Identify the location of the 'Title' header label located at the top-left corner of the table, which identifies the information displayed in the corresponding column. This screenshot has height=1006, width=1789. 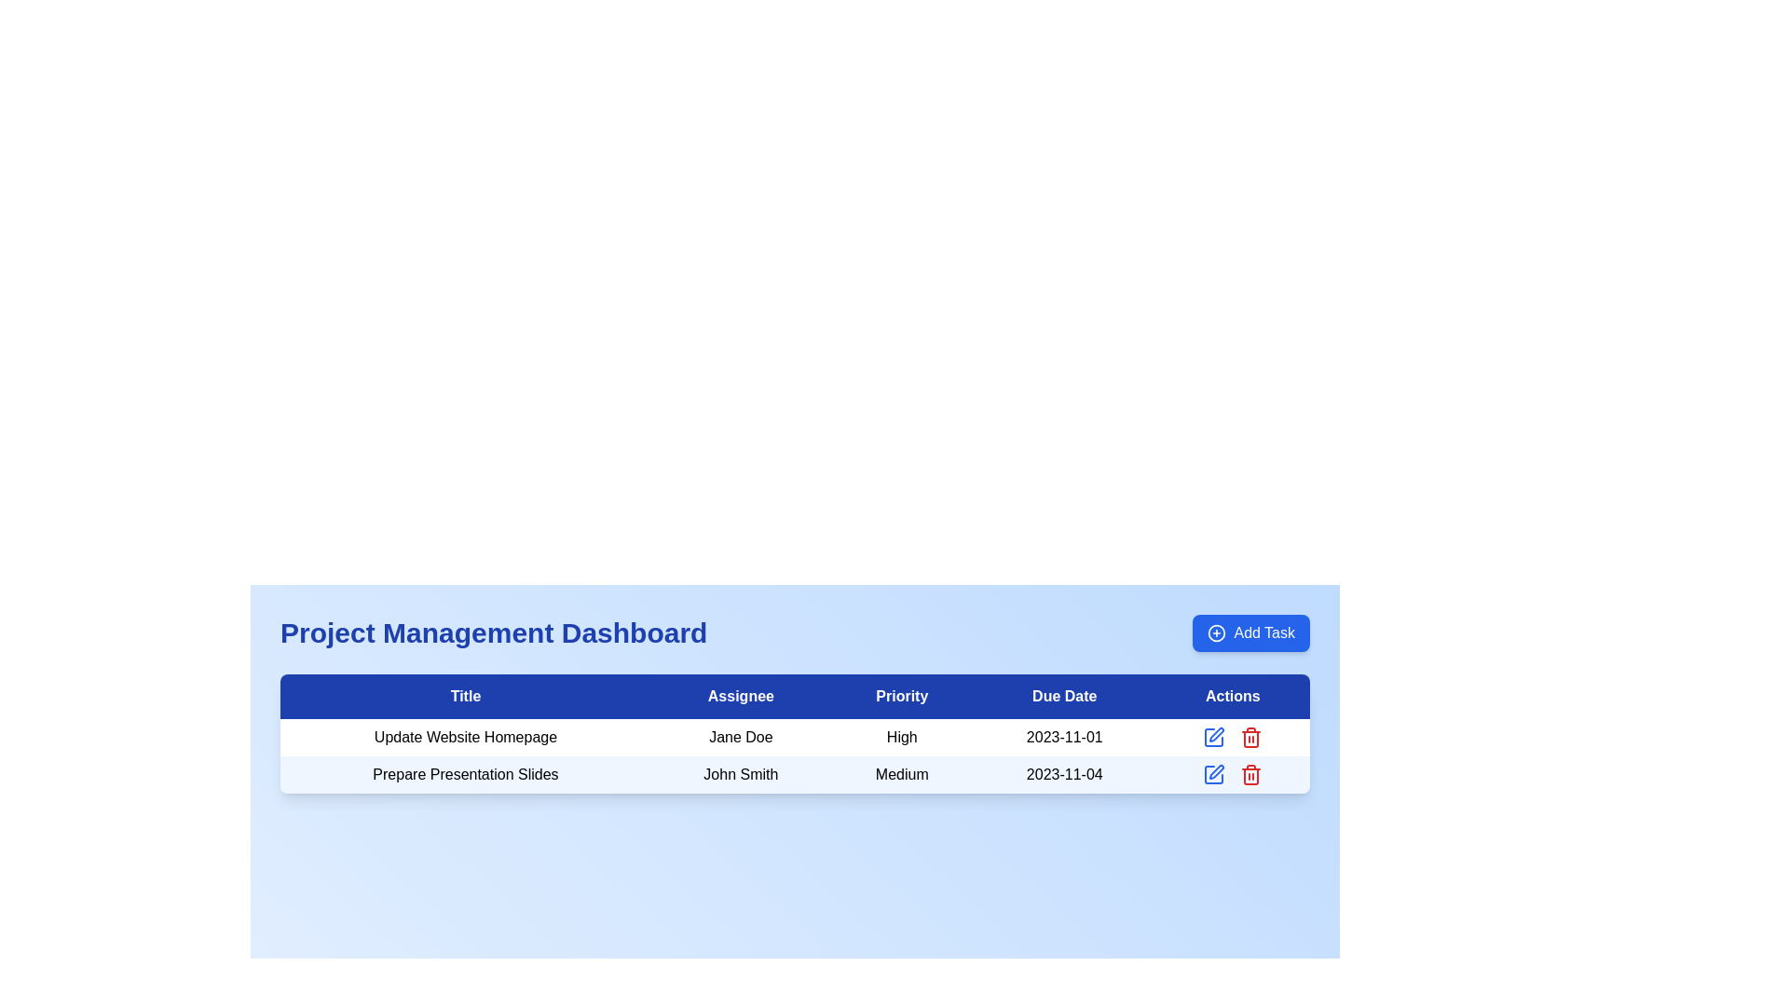
(465, 697).